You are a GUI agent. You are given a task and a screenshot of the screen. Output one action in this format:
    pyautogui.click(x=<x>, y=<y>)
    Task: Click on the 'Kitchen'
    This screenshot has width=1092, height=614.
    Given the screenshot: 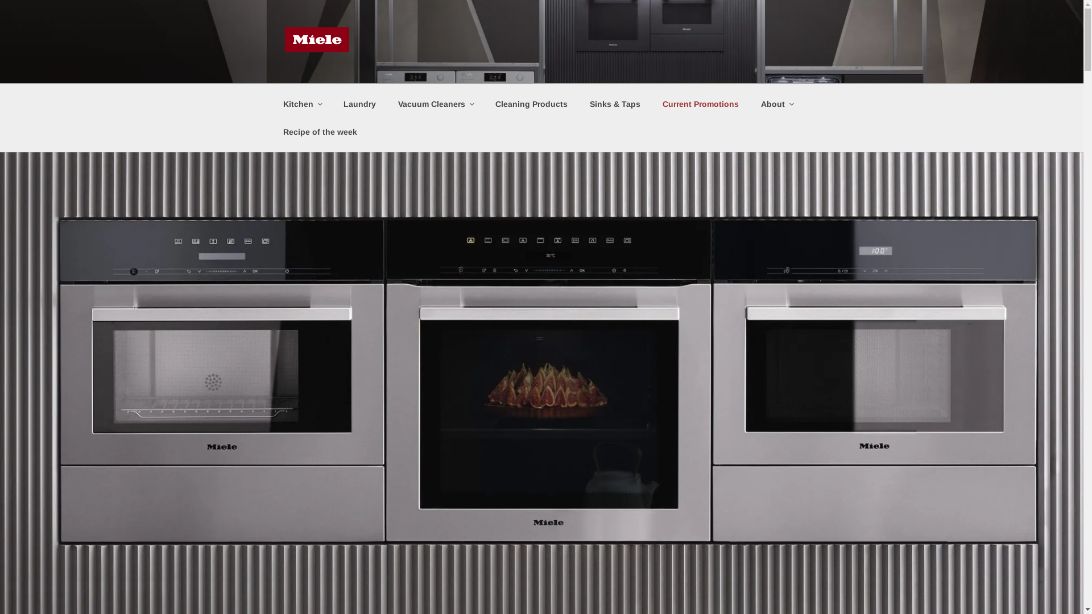 What is the action you would take?
    pyautogui.click(x=302, y=103)
    